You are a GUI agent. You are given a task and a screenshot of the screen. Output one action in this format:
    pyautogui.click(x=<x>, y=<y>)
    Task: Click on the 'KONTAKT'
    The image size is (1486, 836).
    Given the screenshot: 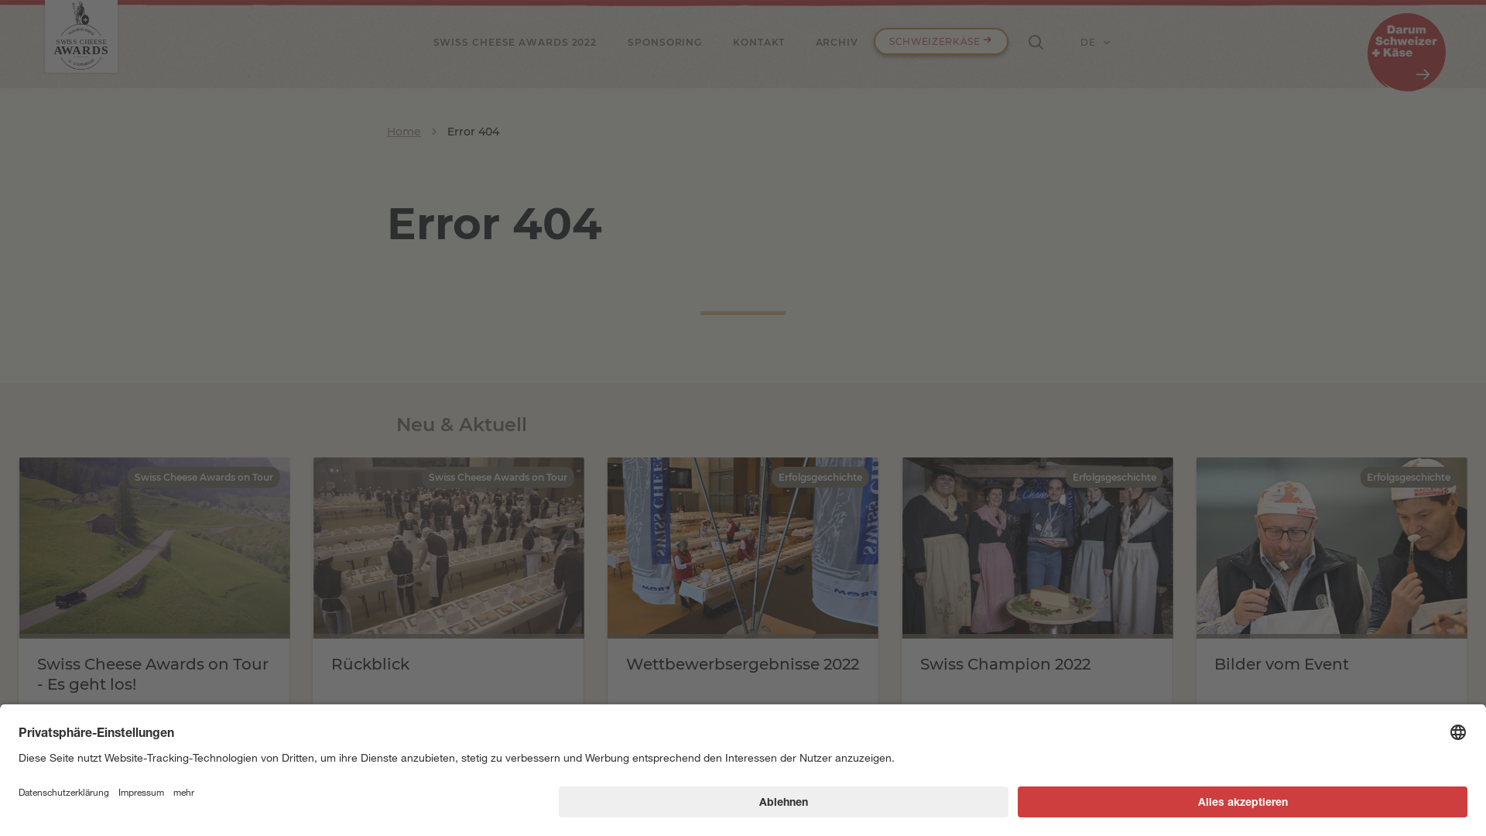 What is the action you would take?
    pyautogui.click(x=724, y=41)
    